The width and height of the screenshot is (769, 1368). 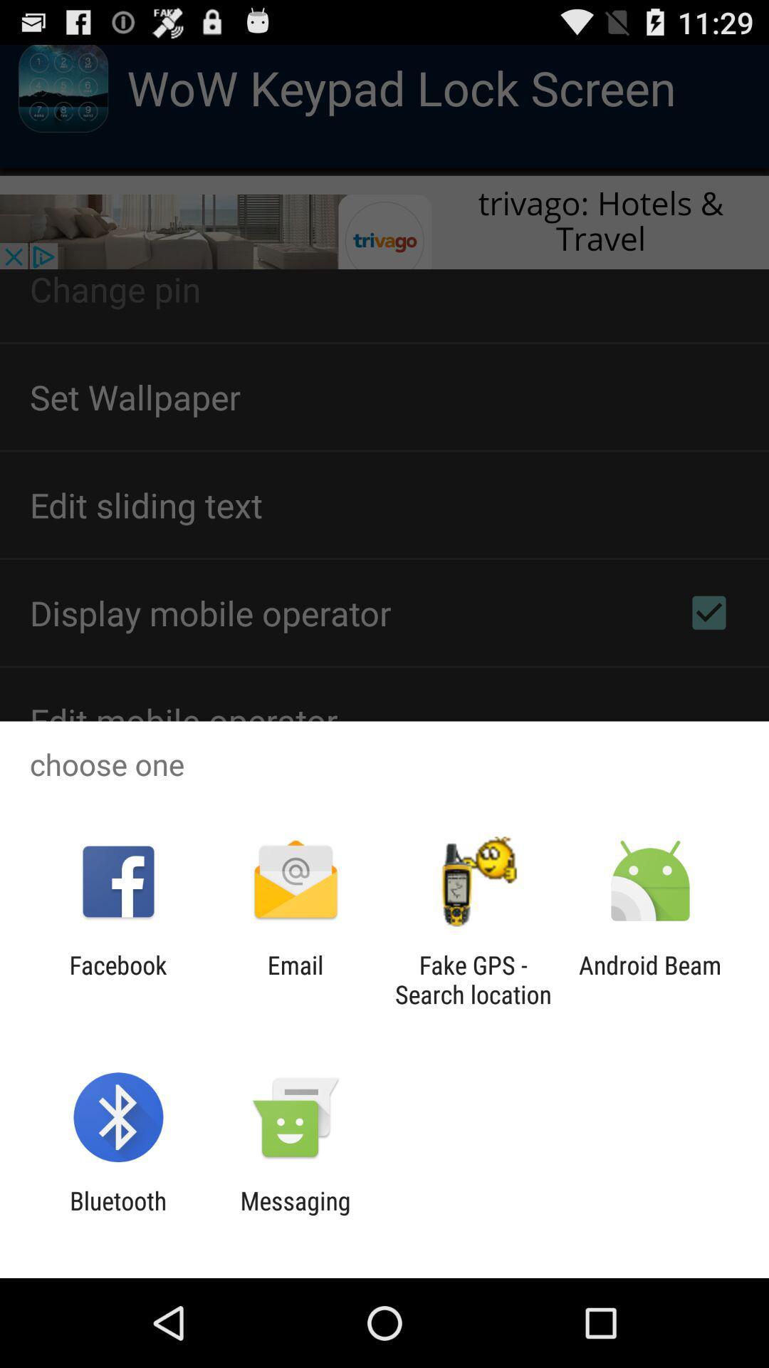 I want to click on the item to the left of fake gps search icon, so click(x=295, y=979).